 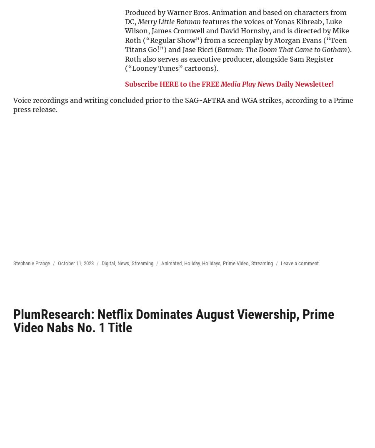 I want to click on 'Leave a comment', so click(x=299, y=262).